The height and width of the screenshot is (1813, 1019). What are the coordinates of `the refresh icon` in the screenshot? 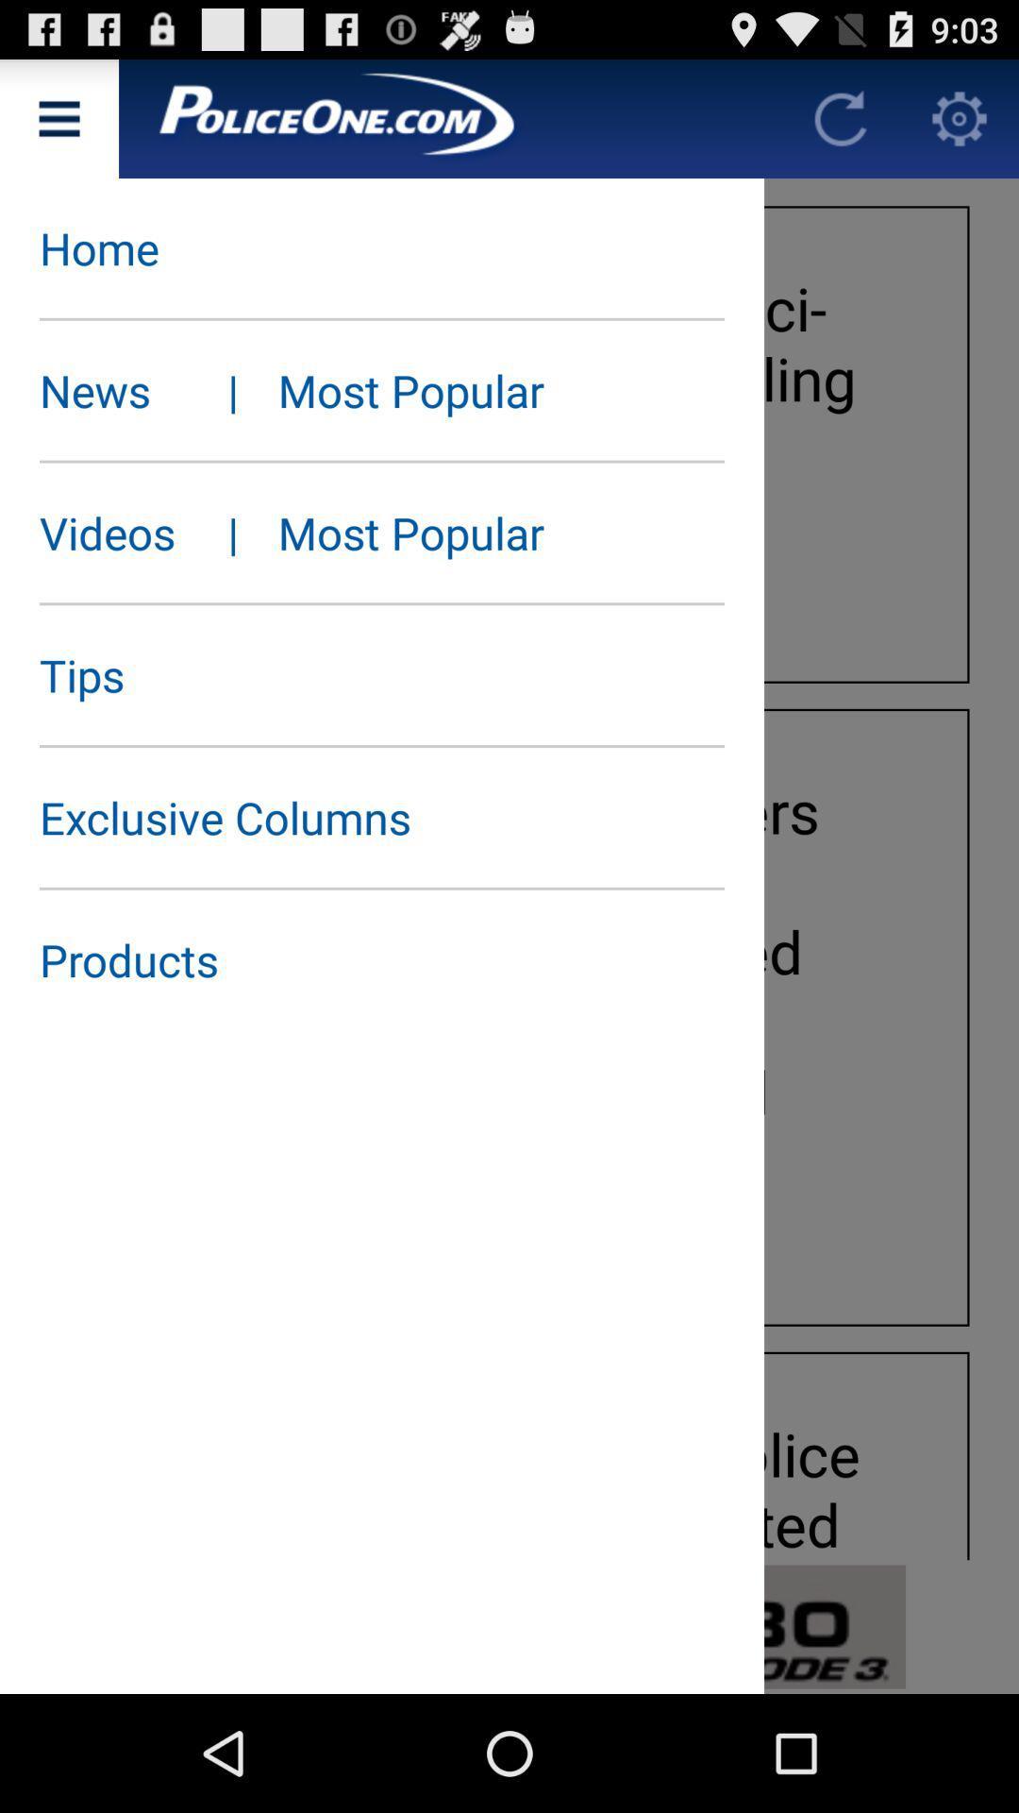 It's located at (840, 126).